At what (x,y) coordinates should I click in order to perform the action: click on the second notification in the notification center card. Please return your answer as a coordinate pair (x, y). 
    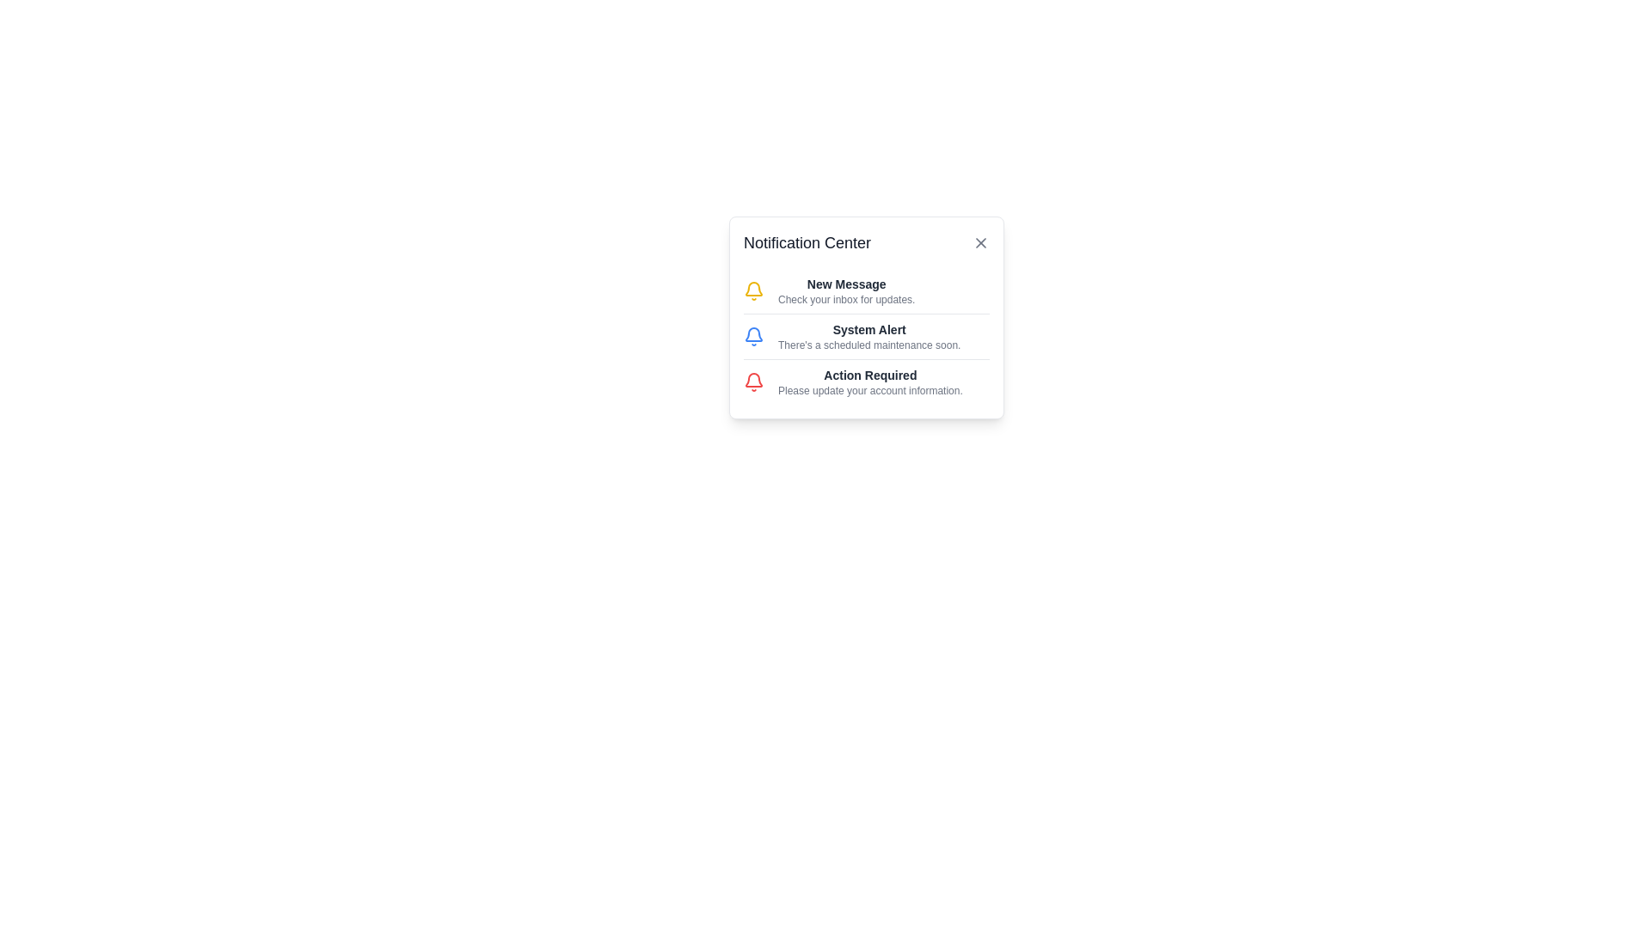
    Looking at the image, I should click on (867, 336).